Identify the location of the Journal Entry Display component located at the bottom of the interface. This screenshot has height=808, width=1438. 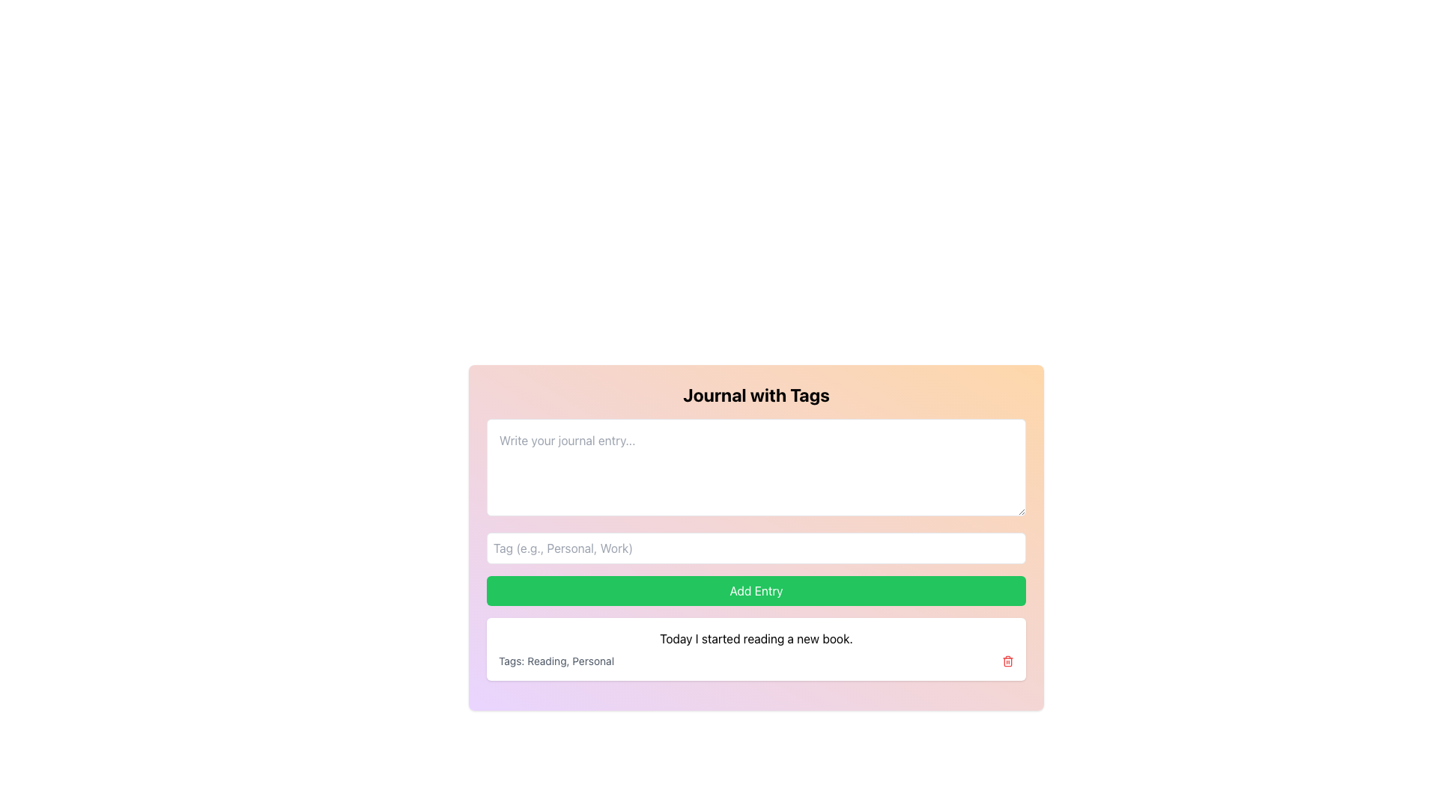
(756, 648).